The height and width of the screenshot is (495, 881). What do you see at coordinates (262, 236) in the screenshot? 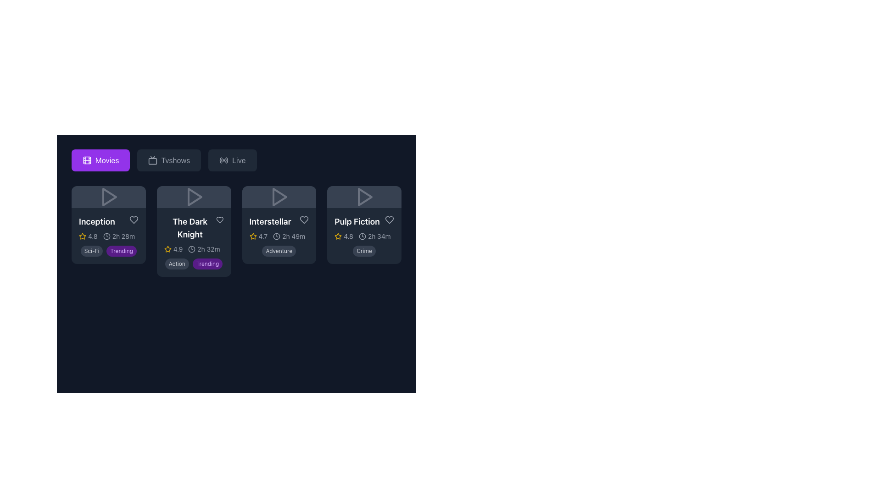
I see `numeric value '4.7' displayed in light gray text adjacent to the yellow star icon on the card for the movie 'Interstellar.'` at bounding box center [262, 236].